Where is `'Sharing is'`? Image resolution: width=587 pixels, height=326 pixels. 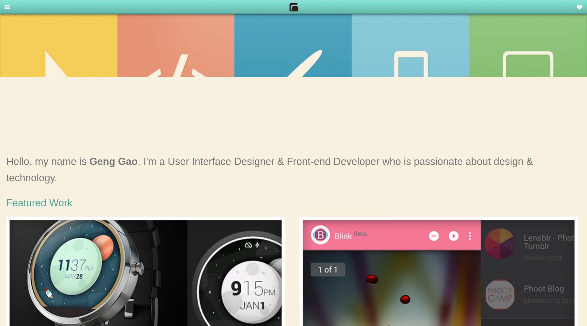 'Sharing is' is located at coordinates (549, 10).